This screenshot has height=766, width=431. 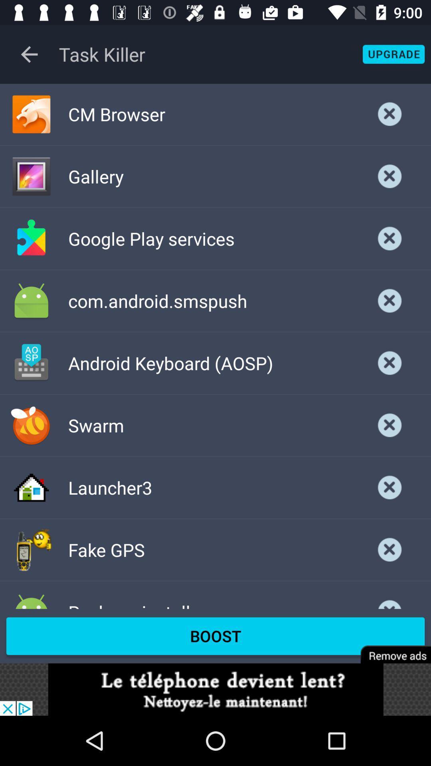 I want to click on launcher3 option, so click(x=389, y=487).